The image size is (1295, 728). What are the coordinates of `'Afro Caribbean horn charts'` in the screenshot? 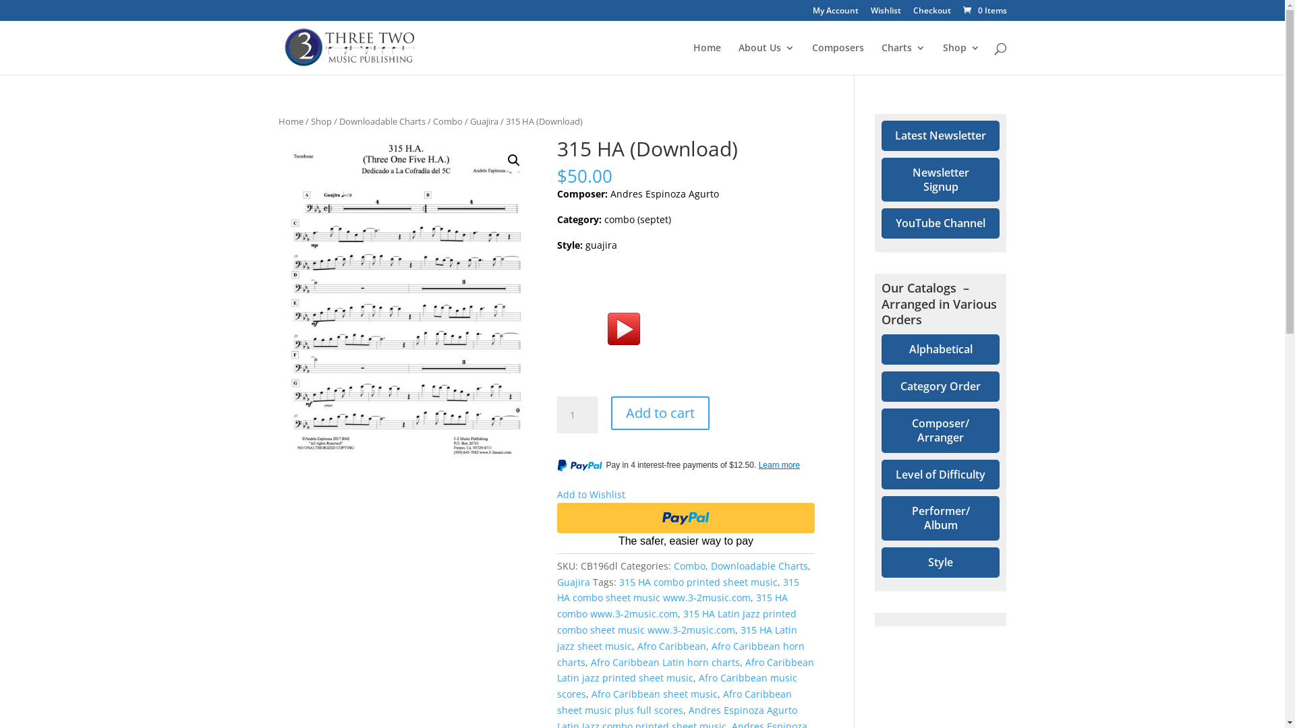 It's located at (681, 653).